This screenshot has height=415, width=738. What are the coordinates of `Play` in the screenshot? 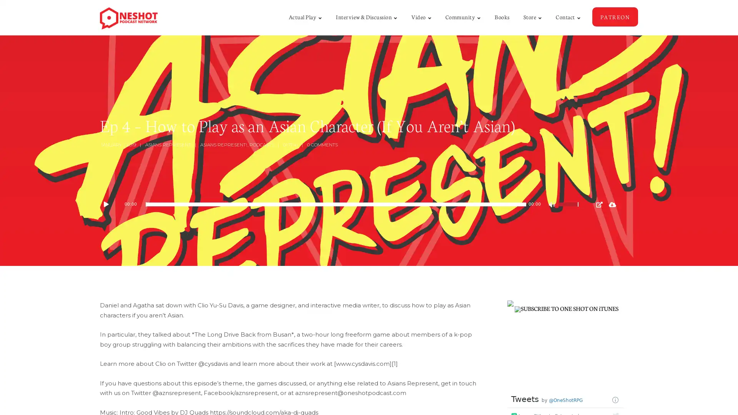 It's located at (110, 204).